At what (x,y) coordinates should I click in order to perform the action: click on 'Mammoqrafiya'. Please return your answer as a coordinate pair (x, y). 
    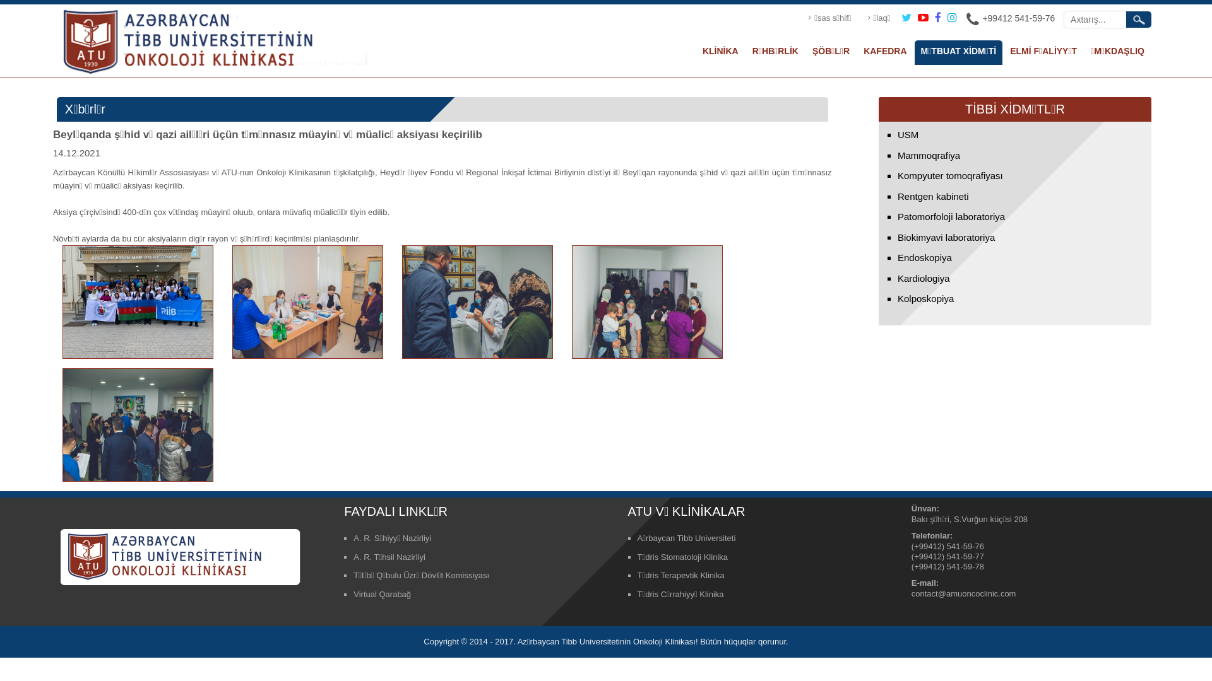
    Looking at the image, I should click on (896, 154).